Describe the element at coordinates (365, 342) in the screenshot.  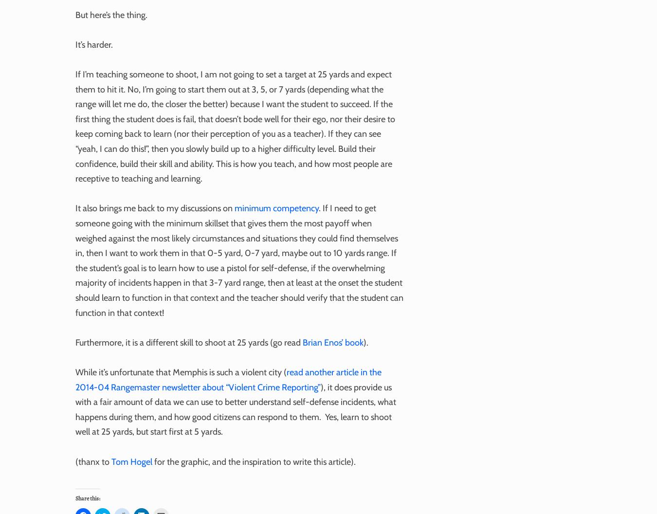
I see `').'` at that location.